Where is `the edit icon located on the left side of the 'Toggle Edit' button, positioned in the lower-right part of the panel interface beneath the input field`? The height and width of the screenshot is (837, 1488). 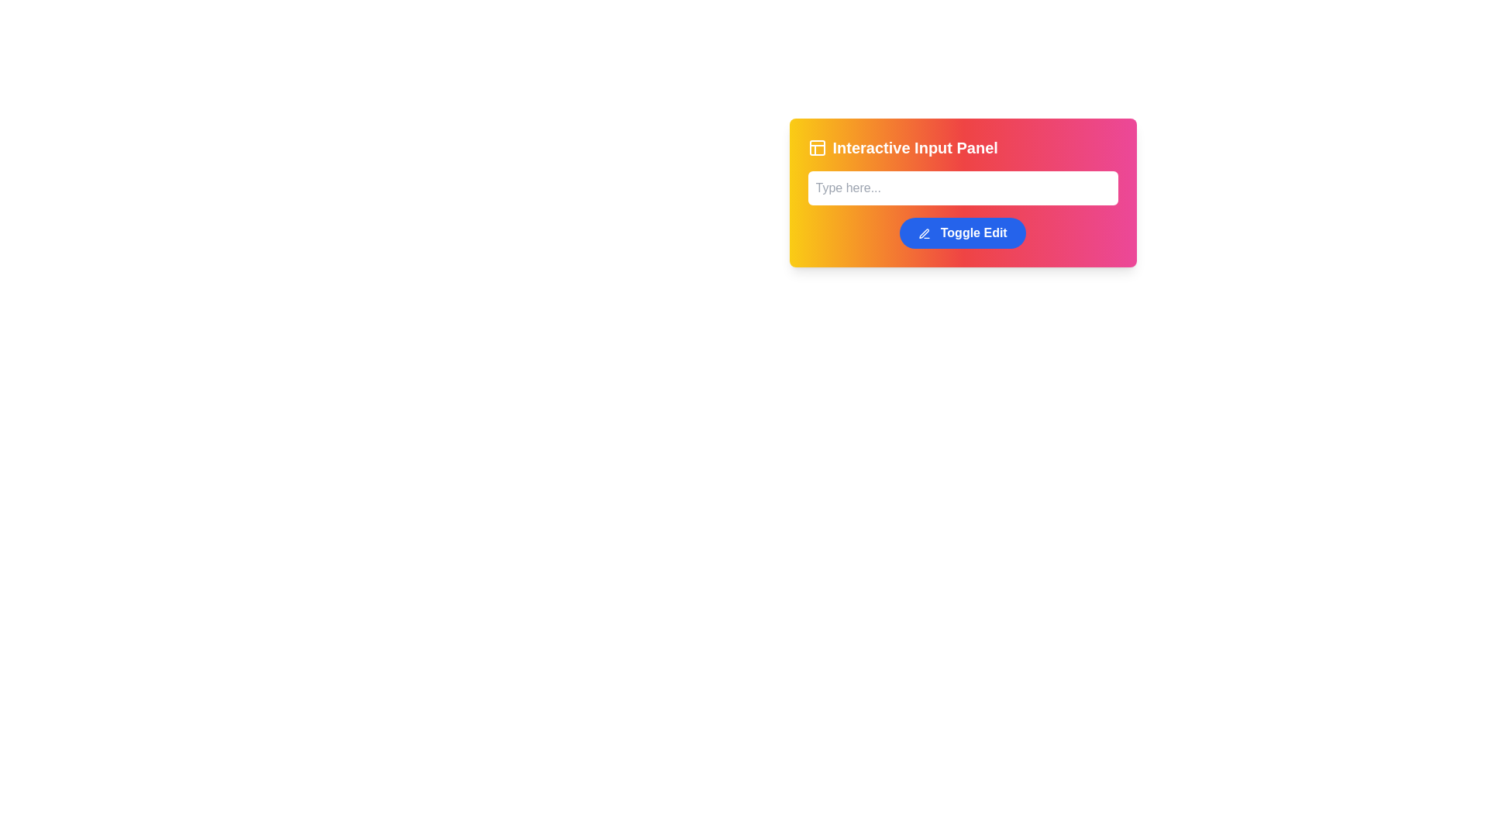 the edit icon located on the left side of the 'Toggle Edit' button, positioned in the lower-right part of the panel interface beneath the input field is located at coordinates (925, 233).